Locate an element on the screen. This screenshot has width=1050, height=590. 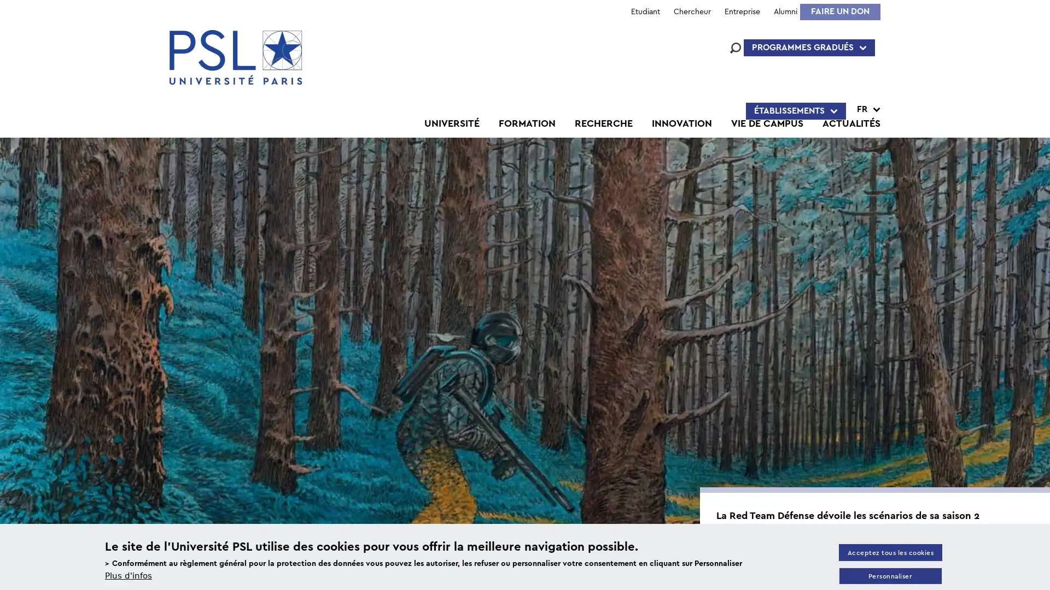
Parametres des cookies is located at coordinates (890, 575).